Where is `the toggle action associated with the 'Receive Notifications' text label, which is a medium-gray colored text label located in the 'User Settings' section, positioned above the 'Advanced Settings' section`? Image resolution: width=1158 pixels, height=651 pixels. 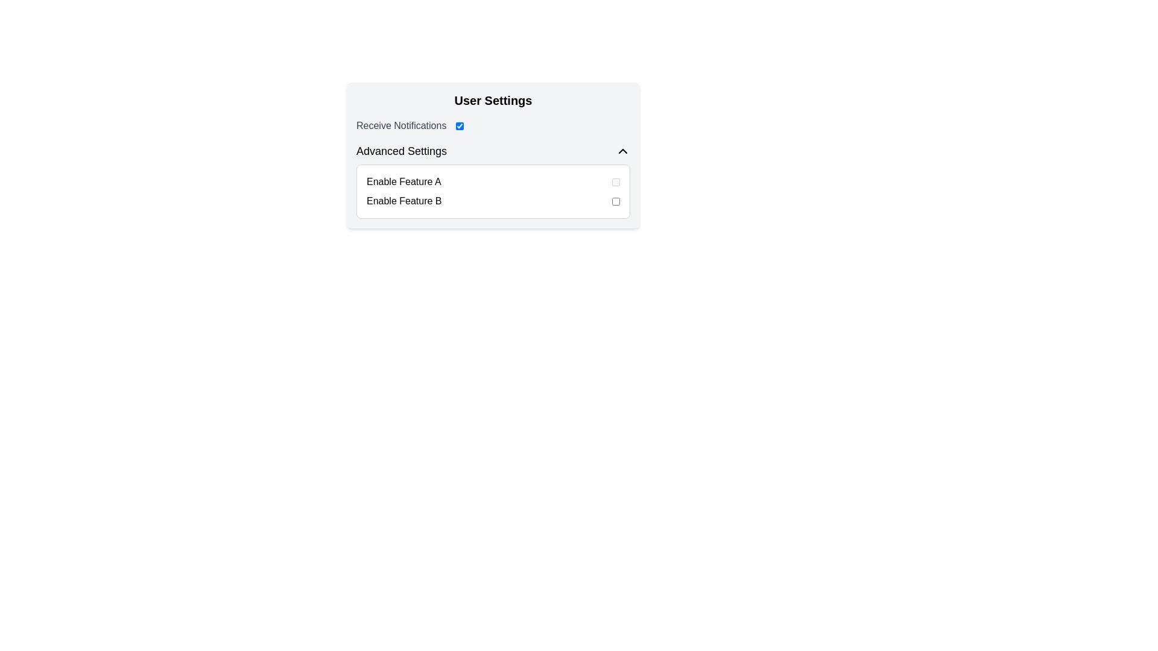
the toggle action associated with the 'Receive Notifications' text label, which is a medium-gray colored text label located in the 'User Settings' section, positioned above the 'Advanced Settings' section is located at coordinates (493, 125).